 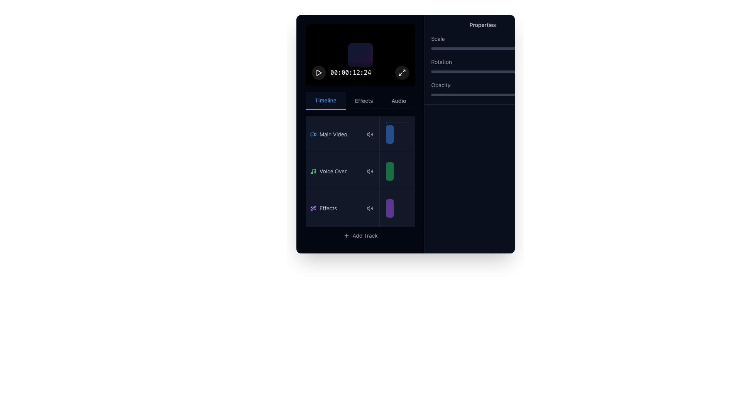 What do you see at coordinates (318, 72) in the screenshot?
I see `the play button, which is the leftmost element in the media control segment` at bounding box center [318, 72].